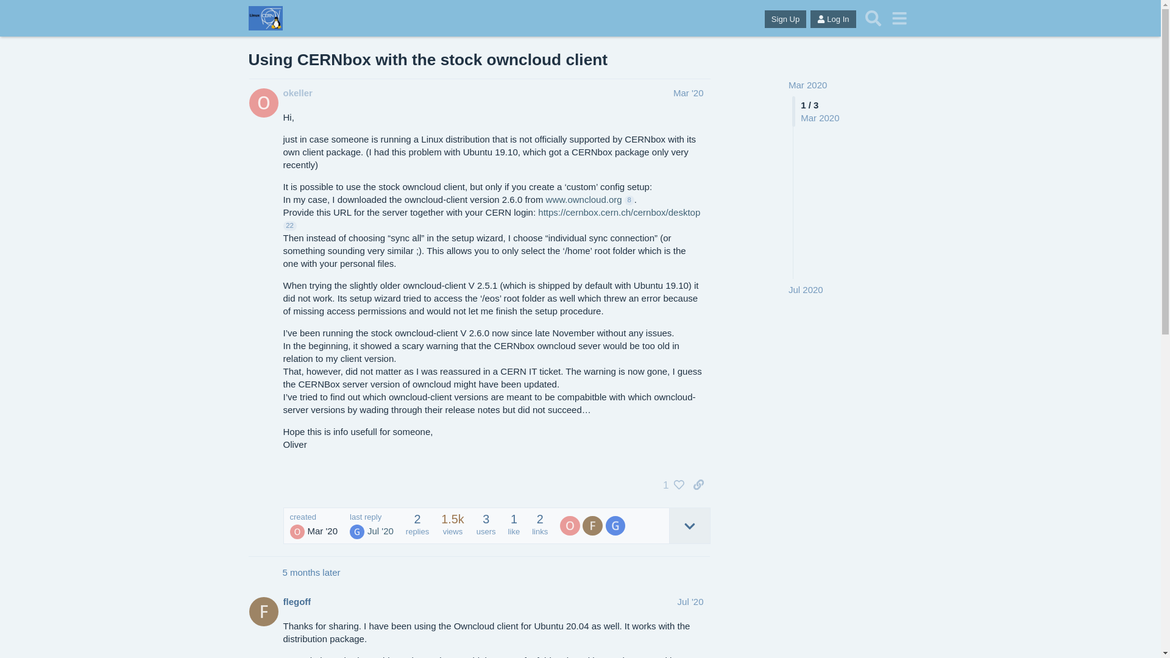  Describe the element at coordinates (677, 601) in the screenshot. I see `'Jul '20'` at that location.